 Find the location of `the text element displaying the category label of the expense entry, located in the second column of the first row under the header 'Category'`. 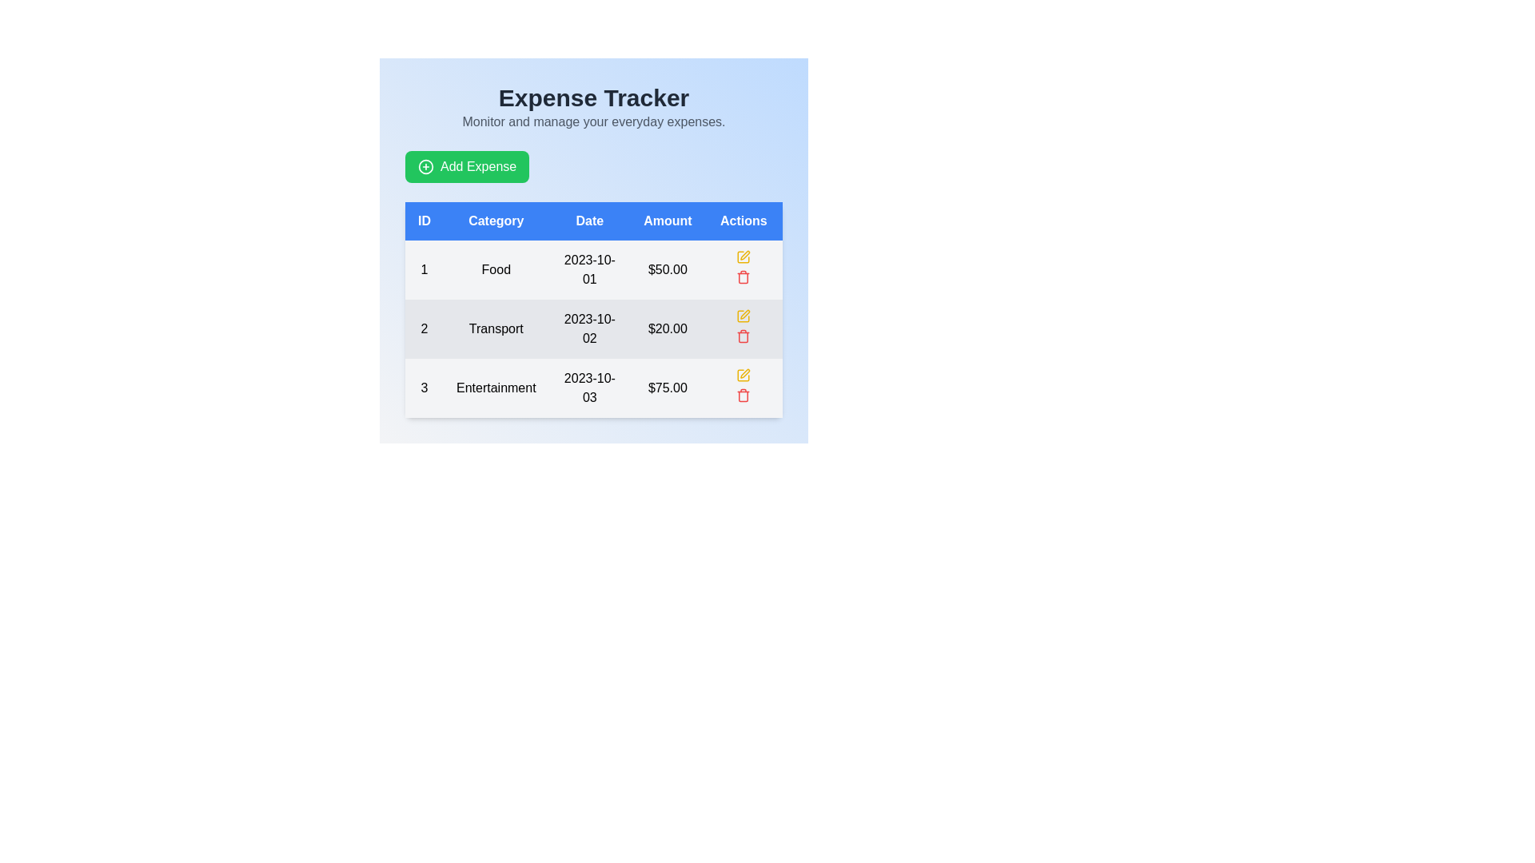

the text element displaying the category label of the expense entry, located in the second column of the first row under the header 'Category' is located at coordinates (495, 269).